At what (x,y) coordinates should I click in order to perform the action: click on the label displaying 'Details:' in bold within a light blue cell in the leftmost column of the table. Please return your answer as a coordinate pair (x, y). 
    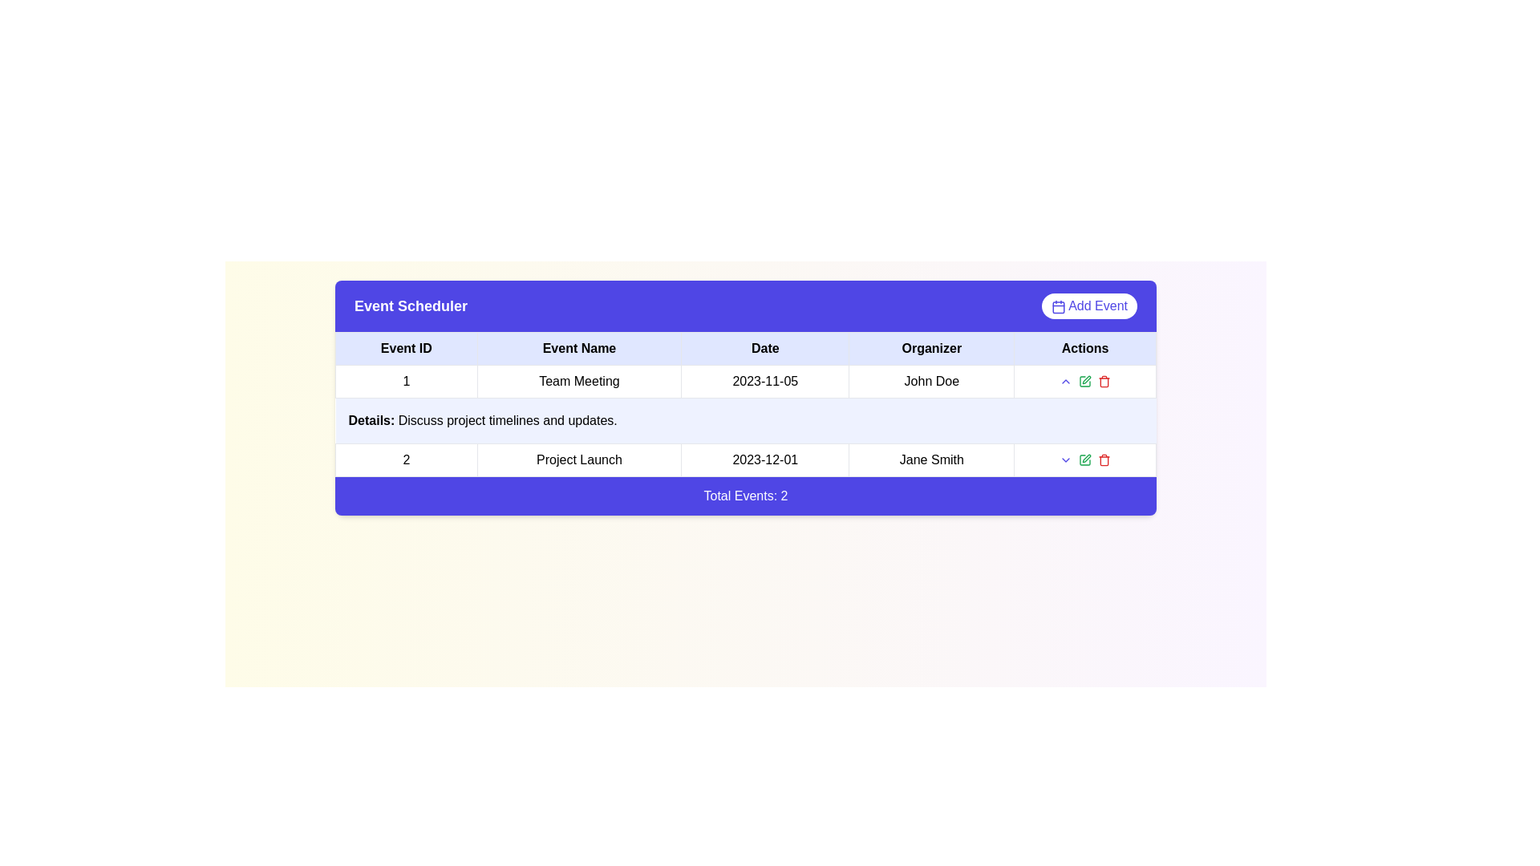
    Looking at the image, I should click on (371, 419).